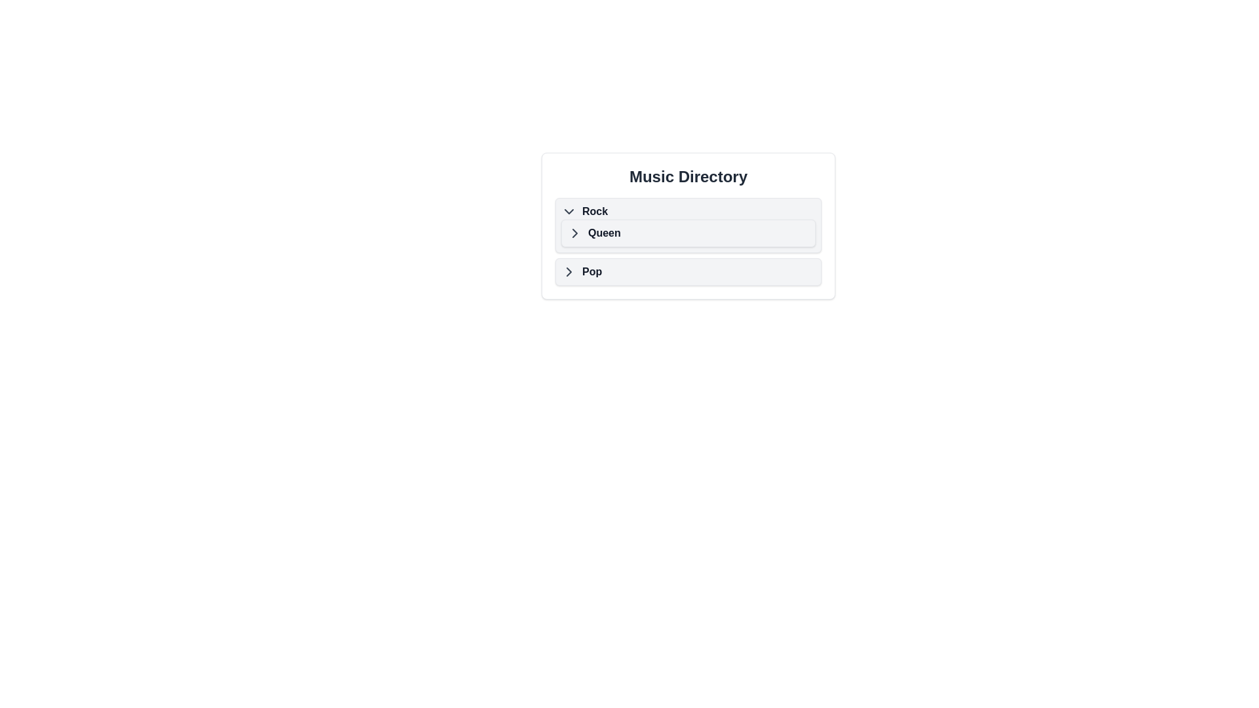 The height and width of the screenshot is (708, 1259). I want to click on the 'Pop' category button in the music directory to observe the tooltip or visual feedback, so click(688, 271).